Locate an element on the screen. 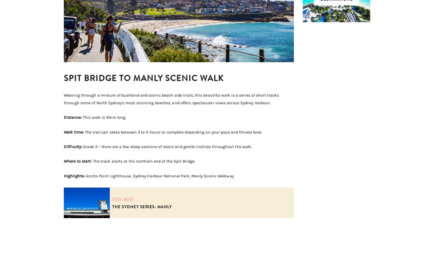 This screenshot has width=434, height=264. 'Where to start:' is located at coordinates (78, 161).